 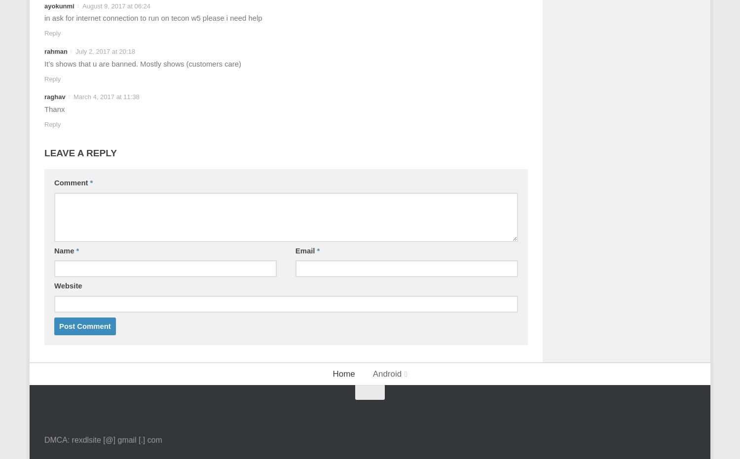 What do you see at coordinates (105, 96) in the screenshot?
I see `'March 4, 2017 at 11:38'` at bounding box center [105, 96].